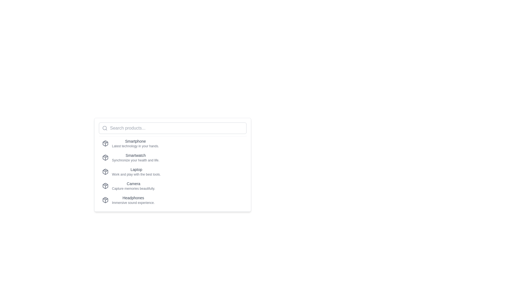 This screenshot has width=523, height=294. I want to click on the descriptive caption Text Label for the 'Headphones' option located beneath the main label 'Headphones' in the vertical list, so click(133, 203).